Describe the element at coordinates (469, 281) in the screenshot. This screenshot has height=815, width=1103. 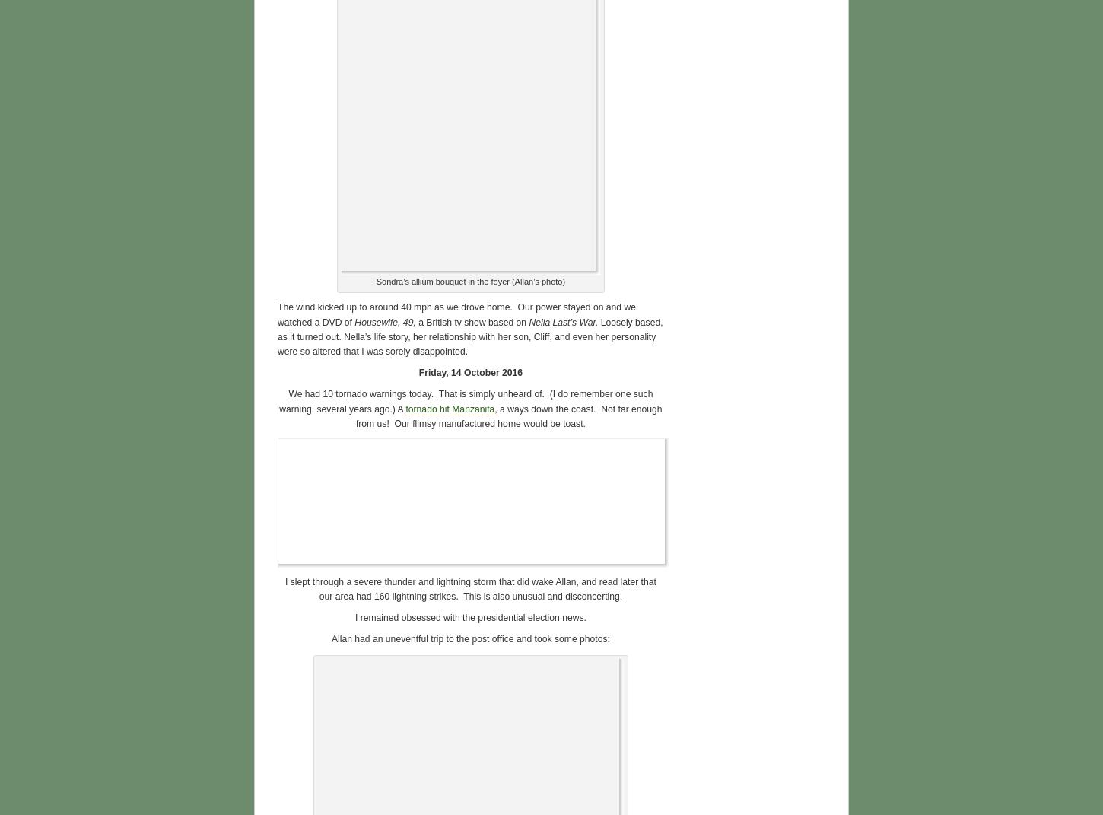
I see `'Sondra’s allium bouquet in the foyer (Allan’s photo)'` at that location.